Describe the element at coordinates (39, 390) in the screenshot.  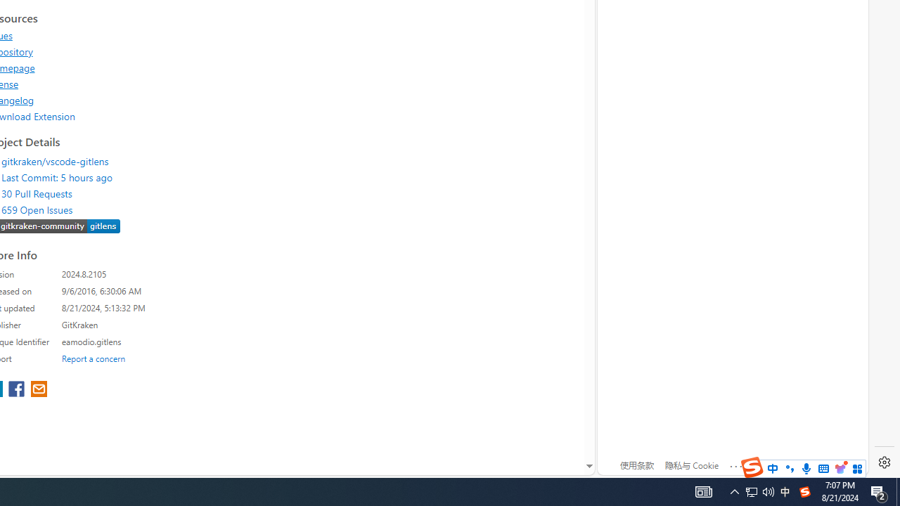
I see `'share extension on email'` at that location.